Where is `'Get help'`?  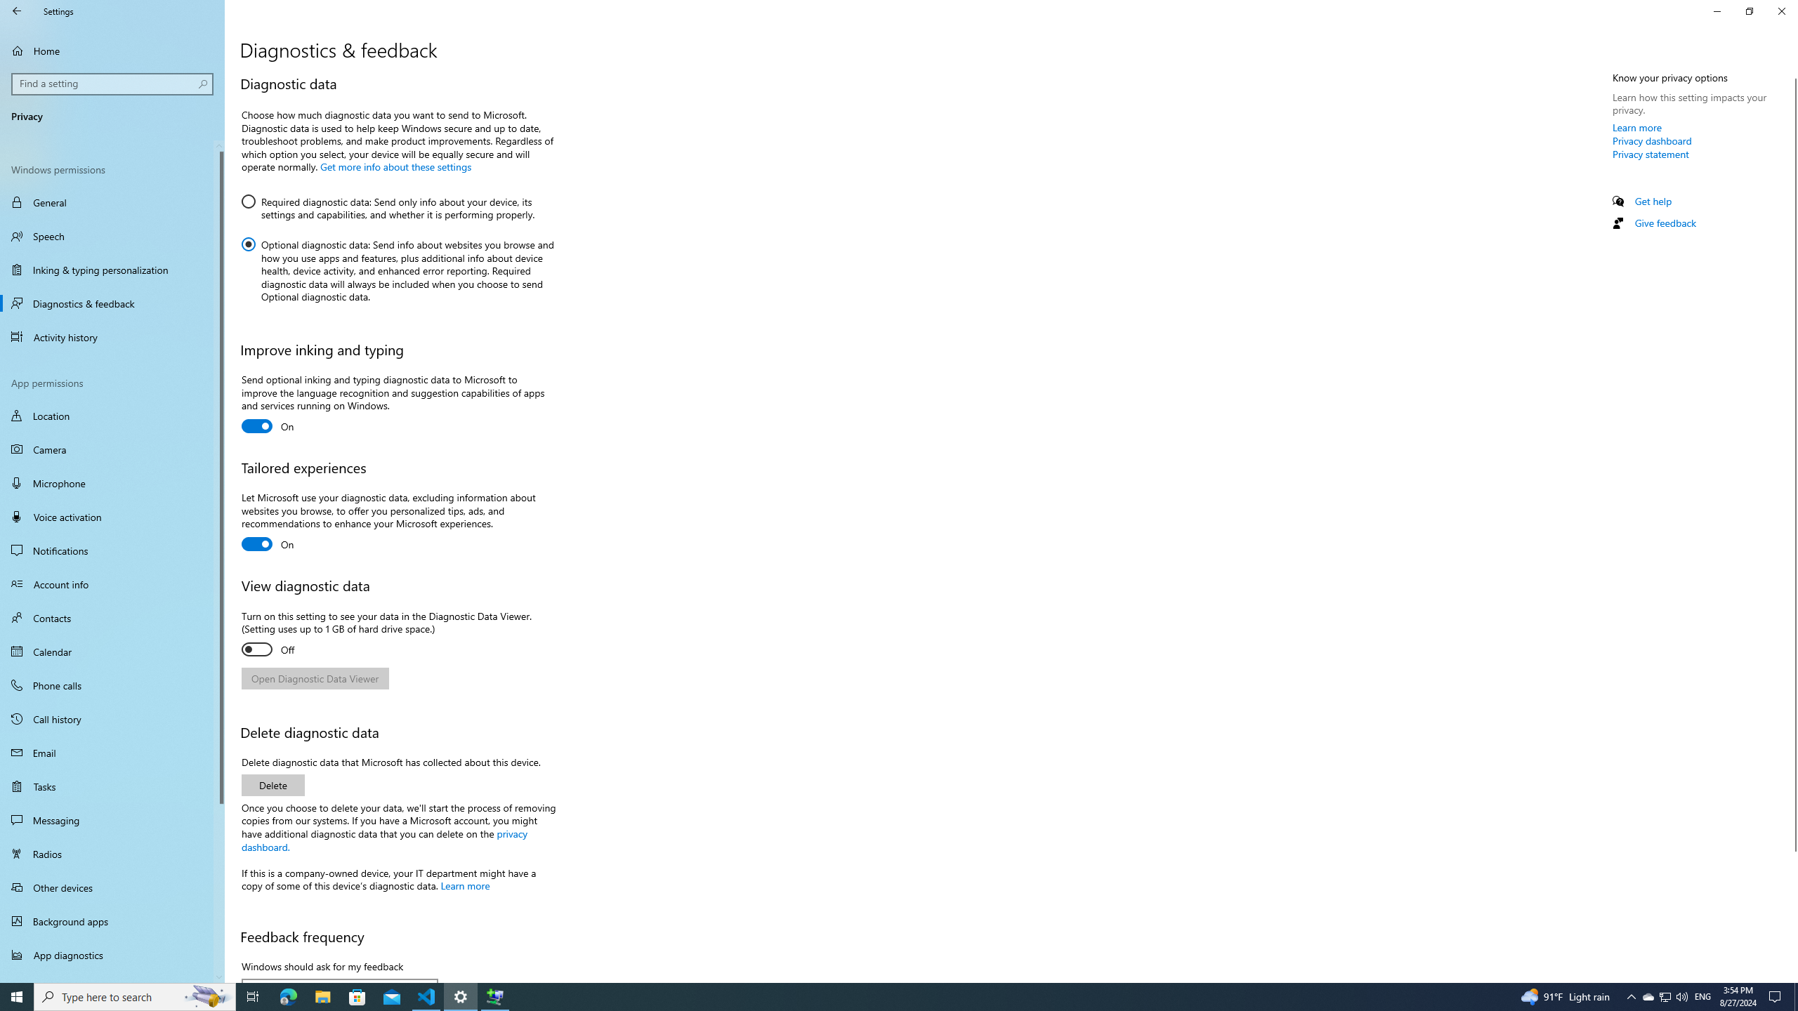
'Get help' is located at coordinates (1652, 201).